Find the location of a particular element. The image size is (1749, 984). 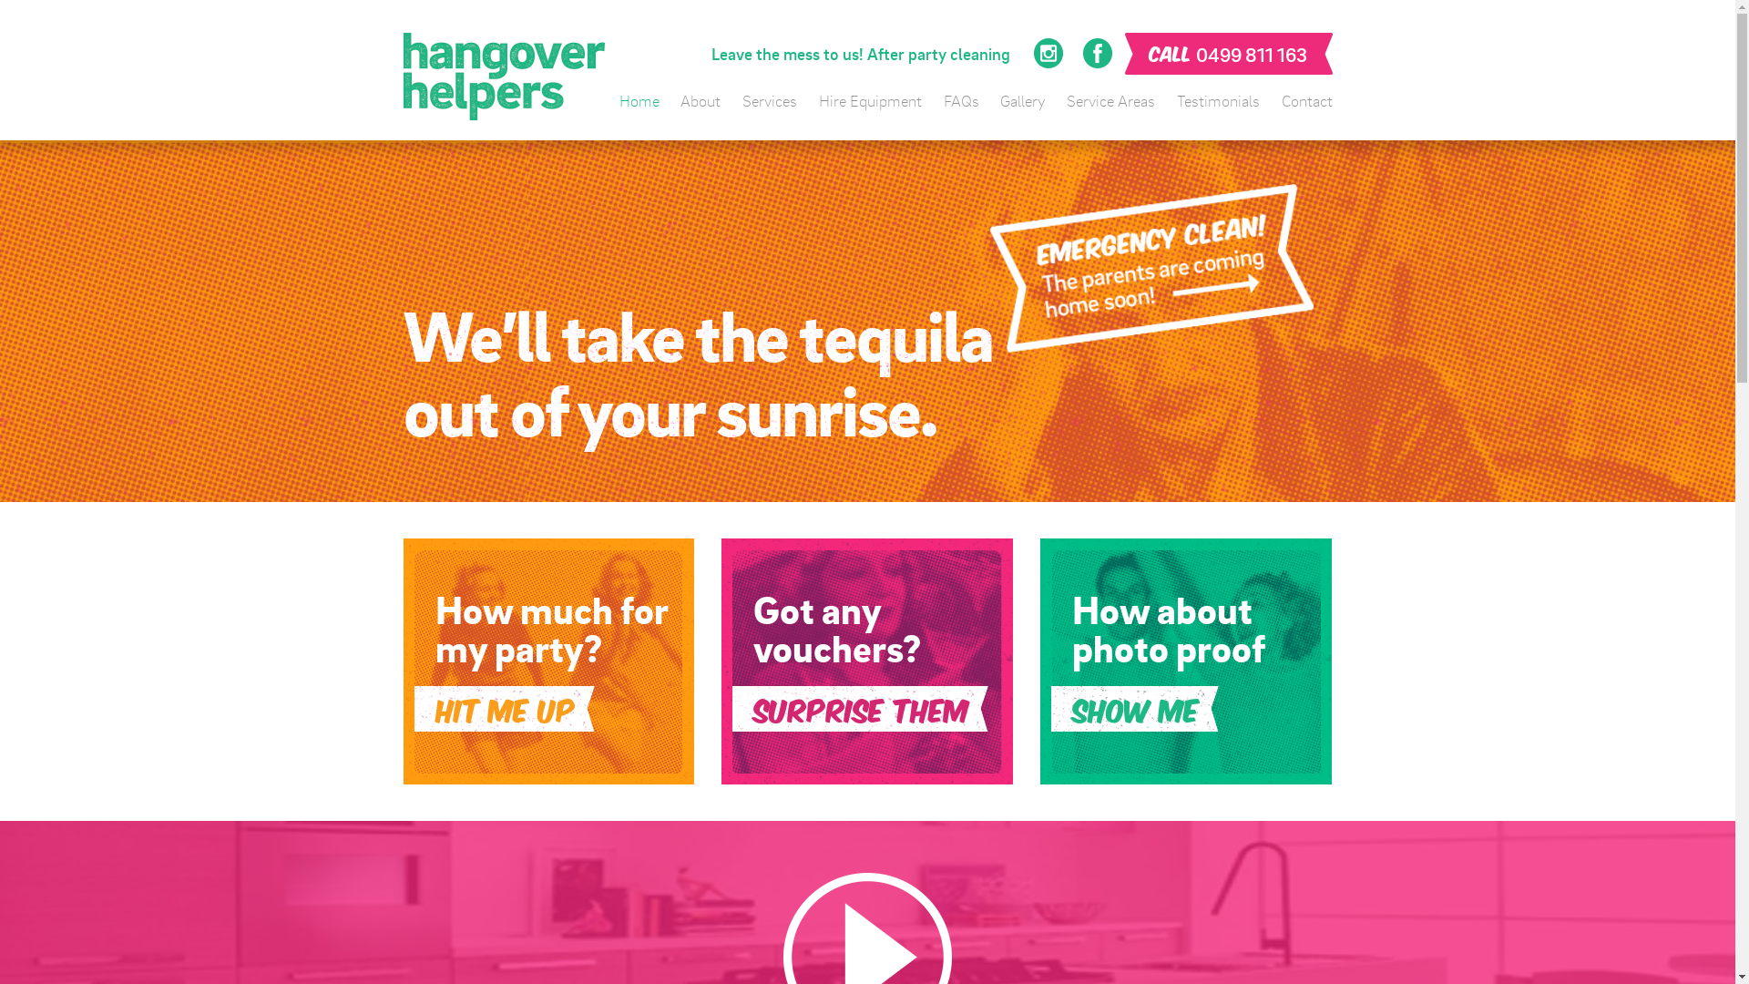

'FAQs' is located at coordinates (960, 100).